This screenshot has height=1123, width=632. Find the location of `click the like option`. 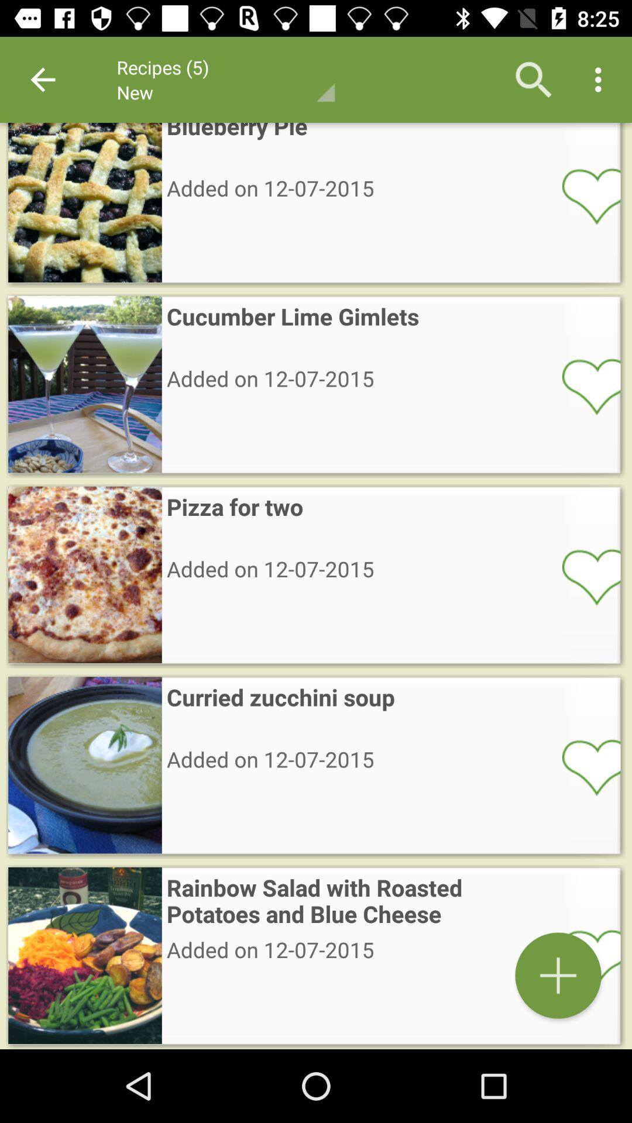

click the like option is located at coordinates (583, 576).